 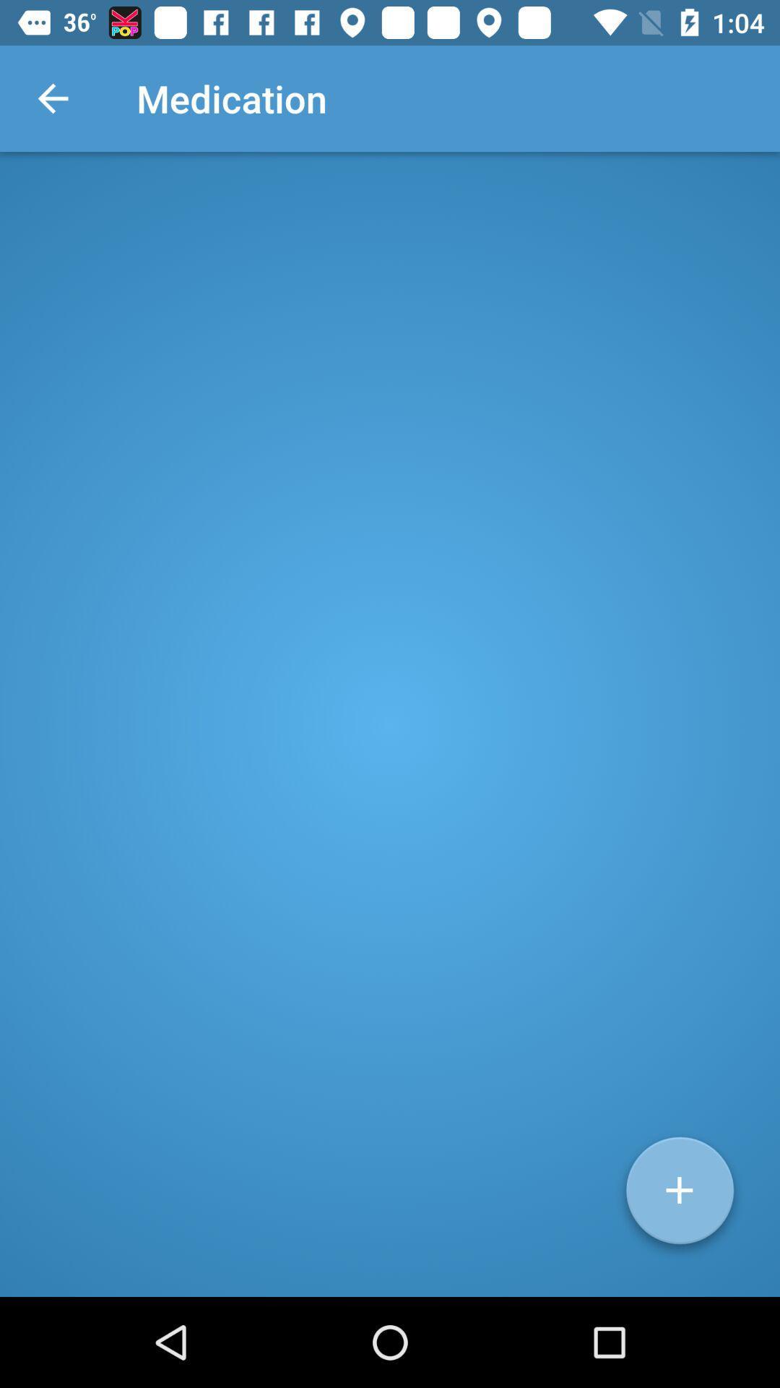 What do you see at coordinates (680, 1196) in the screenshot?
I see `the add icon` at bounding box center [680, 1196].